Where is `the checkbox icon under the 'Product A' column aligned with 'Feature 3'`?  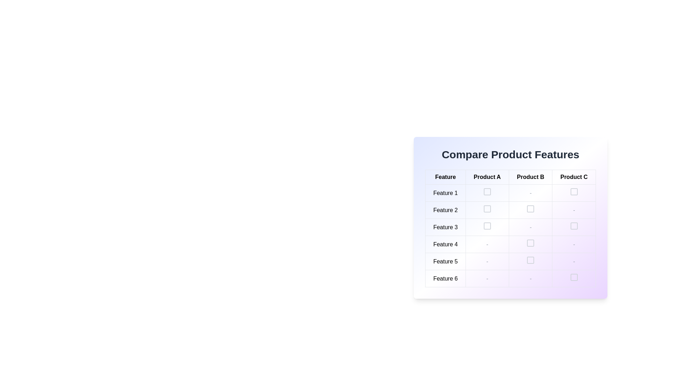
the checkbox icon under the 'Product A' column aligned with 'Feature 3' is located at coordinates (487, 226).